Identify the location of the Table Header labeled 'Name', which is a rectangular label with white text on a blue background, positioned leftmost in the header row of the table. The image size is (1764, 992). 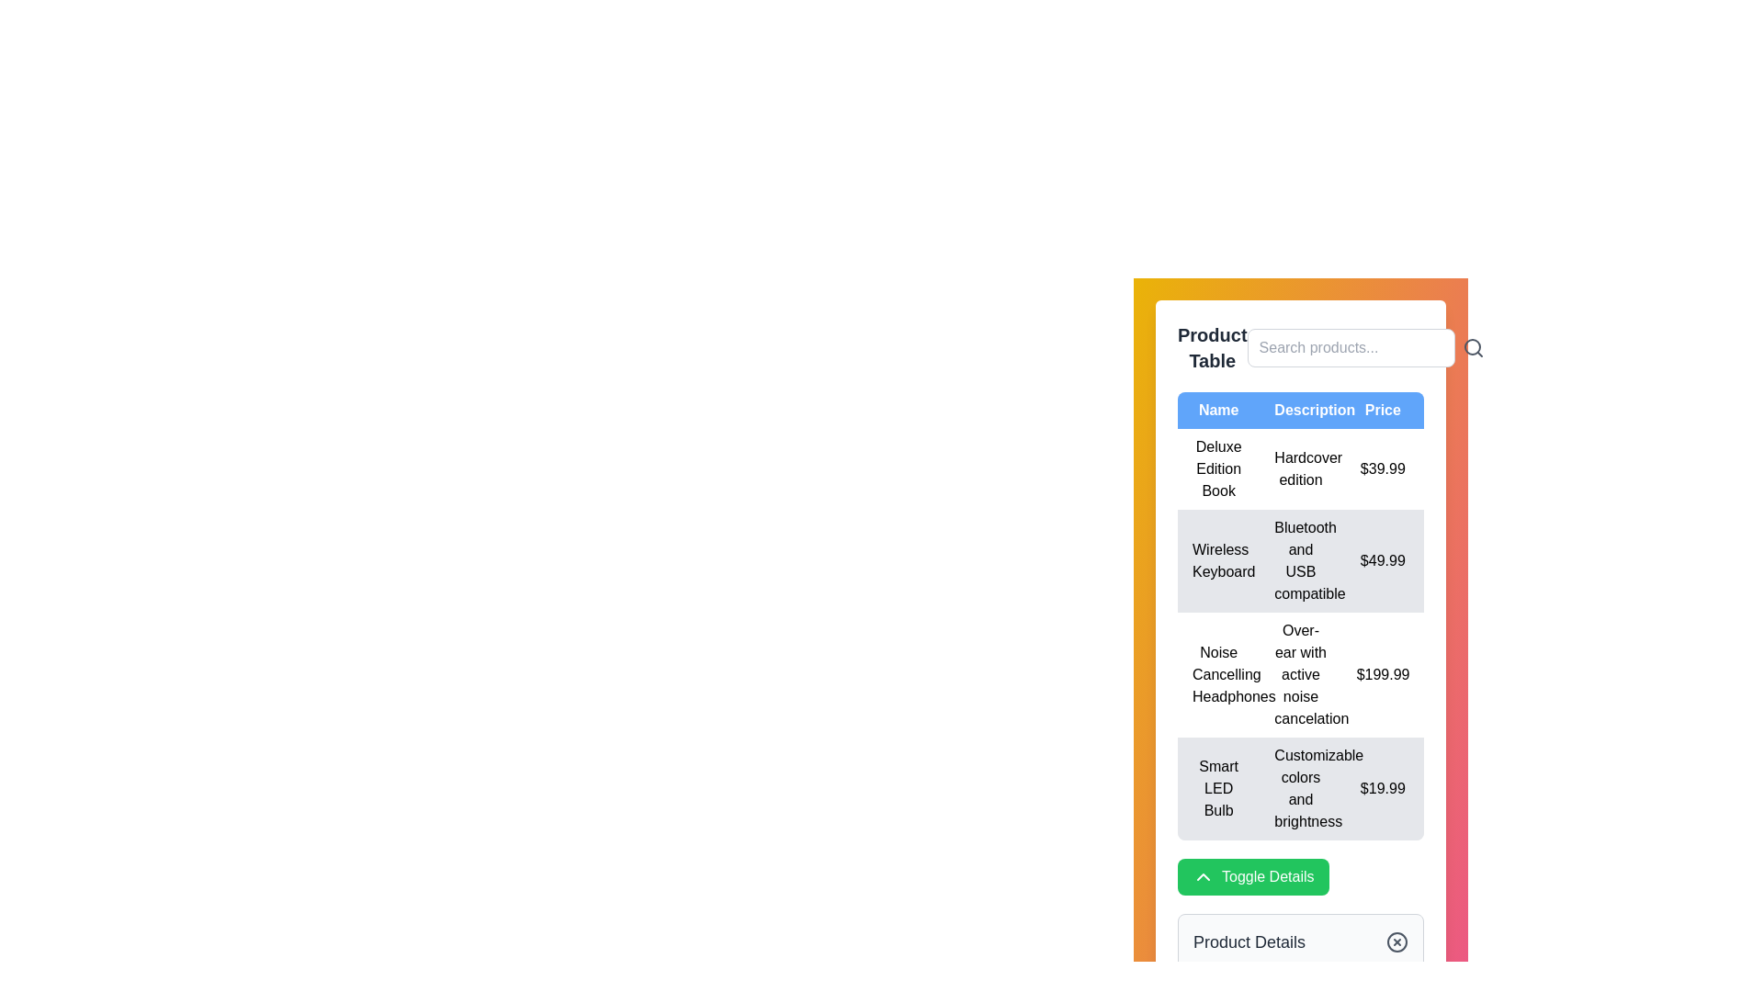
(1218, 410).